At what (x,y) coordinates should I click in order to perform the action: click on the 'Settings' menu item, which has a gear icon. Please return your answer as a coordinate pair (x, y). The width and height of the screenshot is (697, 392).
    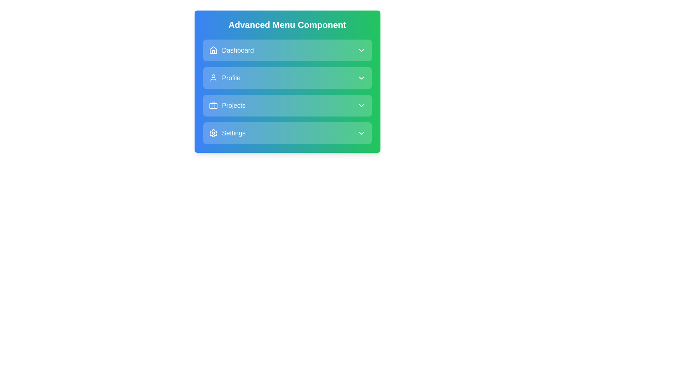
    Looking at the image, I should click on (227, 133).